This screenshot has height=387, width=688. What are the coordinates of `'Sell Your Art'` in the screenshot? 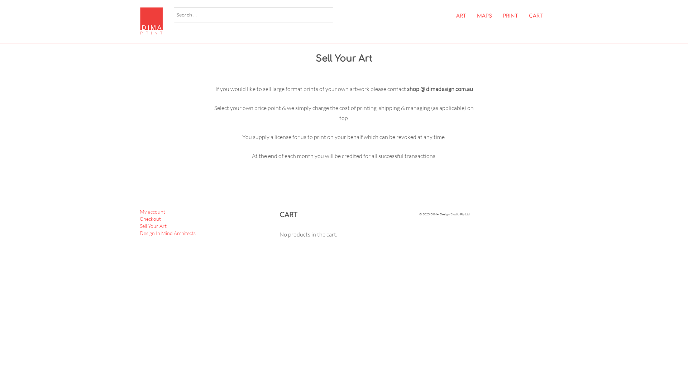 It's located at (153, 226).